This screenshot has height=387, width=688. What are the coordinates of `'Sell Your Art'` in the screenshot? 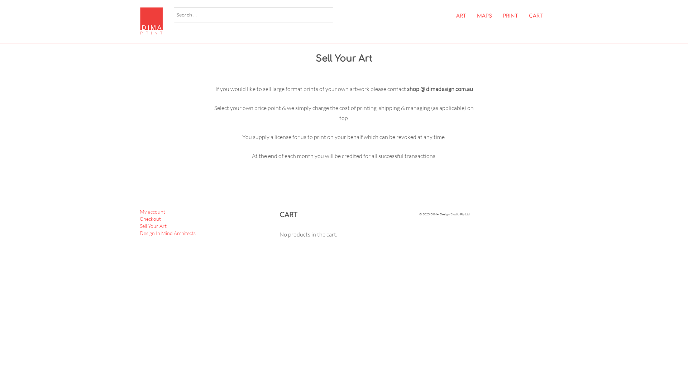 It's located at (153, 226).